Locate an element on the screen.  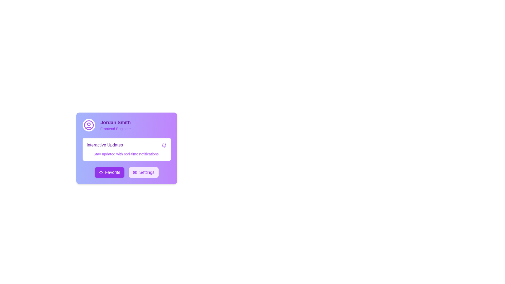
the largest SVG circle graphic that forms the outer boundary of the user icon located on the left side of the interface, above the text 'Jordan Smith Frontend Engineer' is located at coordinates (89, 125).